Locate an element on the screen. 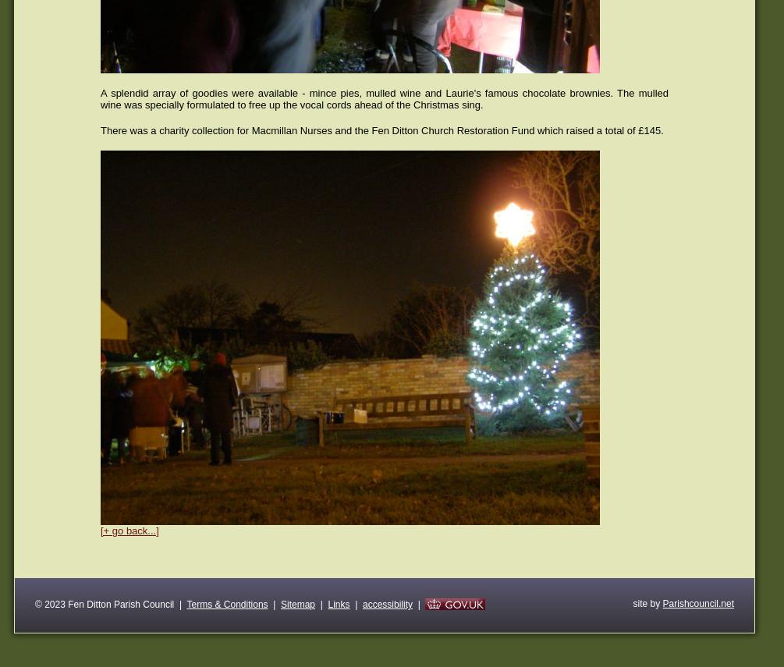 The width and height of the screenshot is (784, 667). '© 2023 Fen Ditton Parish Council  |' is located at coordinates (111, 603).